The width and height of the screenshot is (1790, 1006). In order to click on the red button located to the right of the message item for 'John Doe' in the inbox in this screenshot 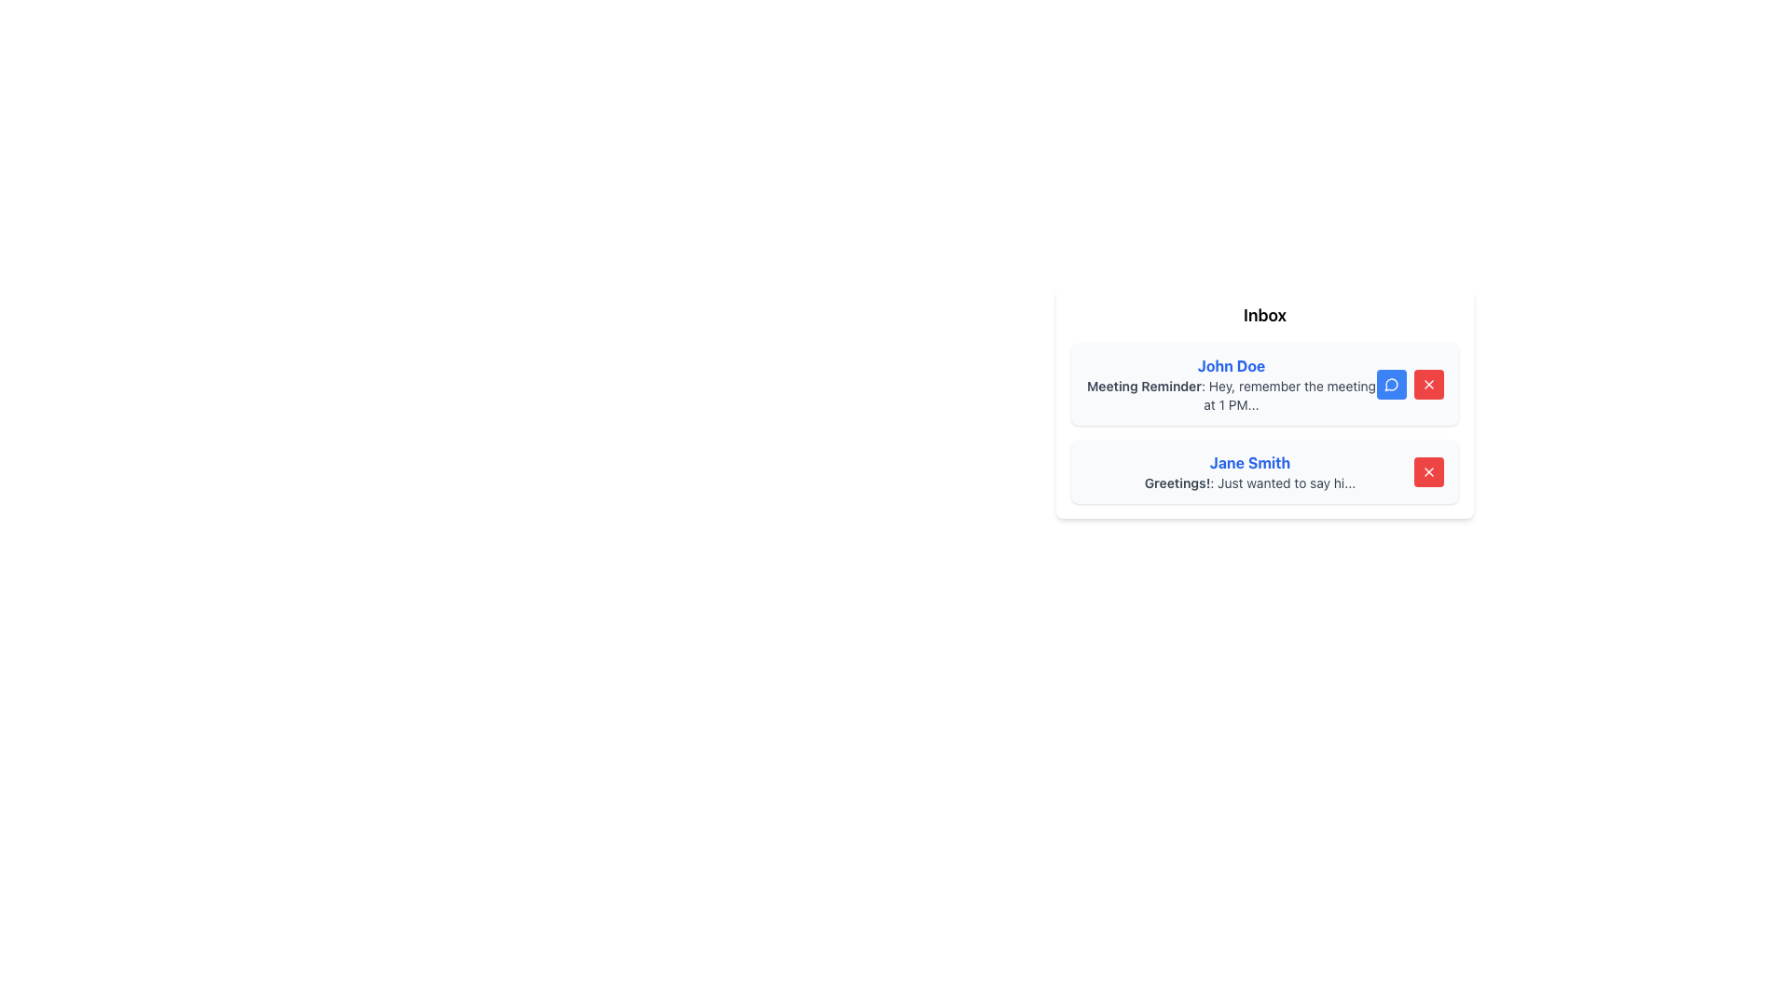, I will do `click(1427, 383)`.